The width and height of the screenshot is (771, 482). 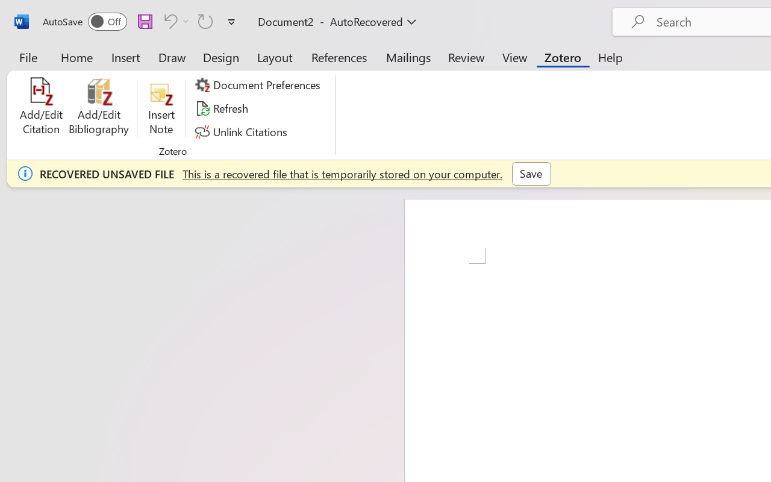 I want to click on 'Add/Edit Citation', so click(x=41, y=108).